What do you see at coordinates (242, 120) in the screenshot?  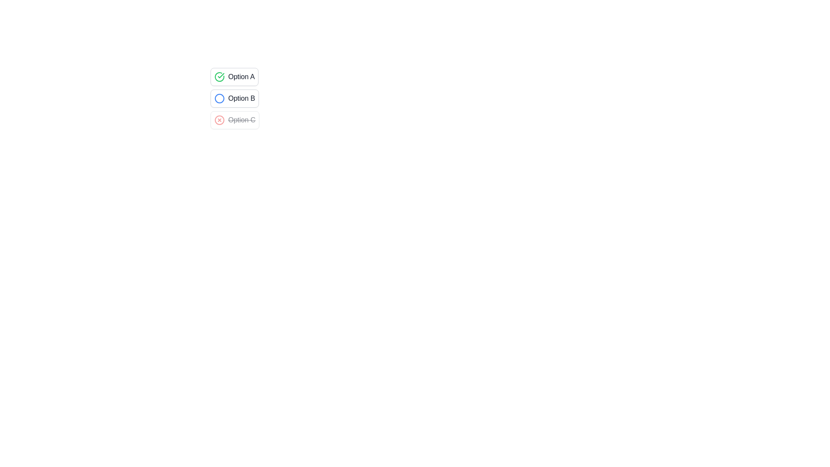 I see `disabled text label displaying 'Option C', which is the third option in a vertical selection list, to check its properties` at bounding box center [242, 120].